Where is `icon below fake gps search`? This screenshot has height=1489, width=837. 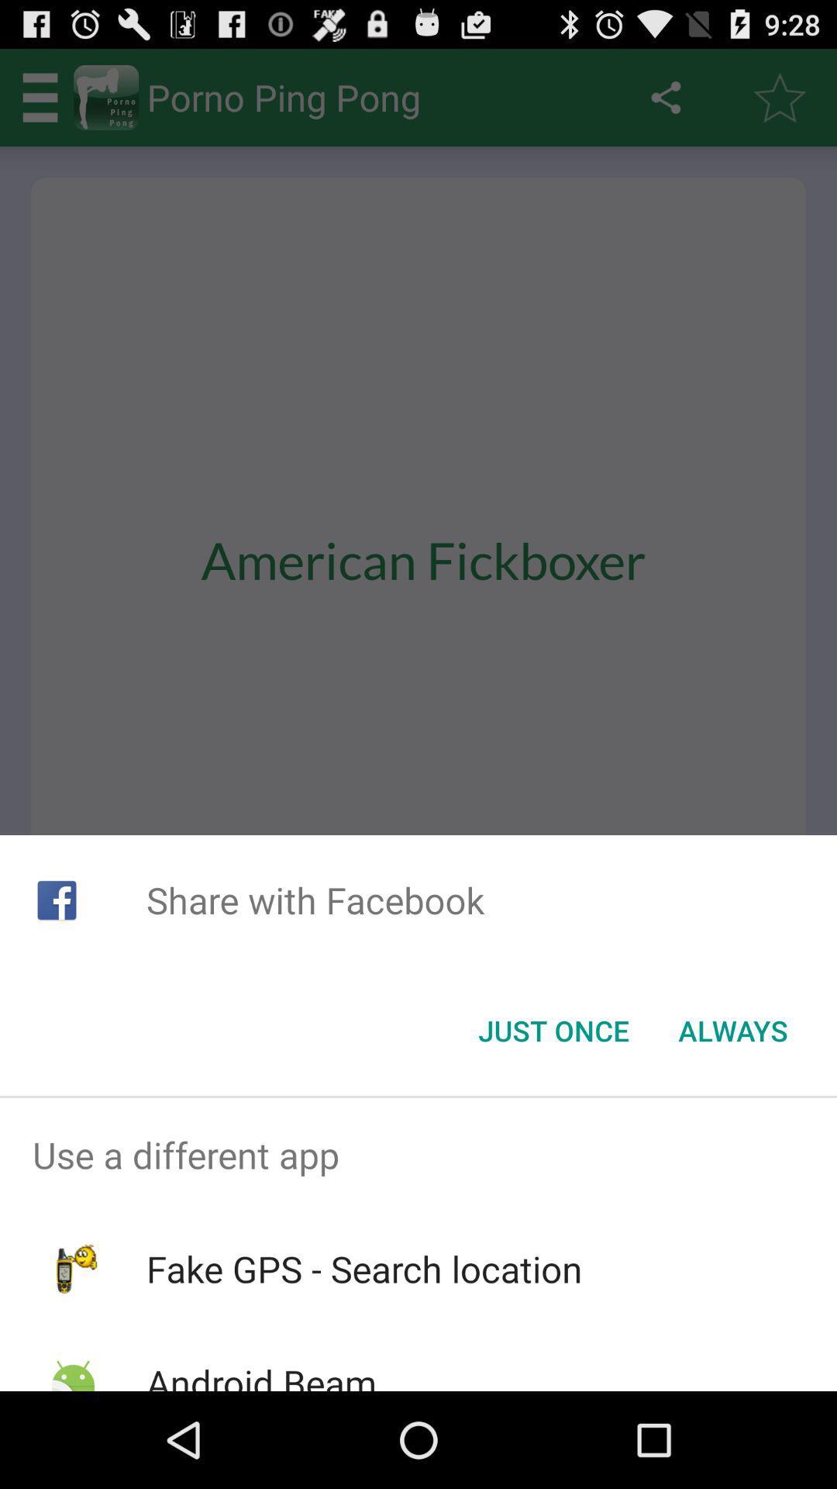 icon below fake gps search is located at coordinates (260, 1374).